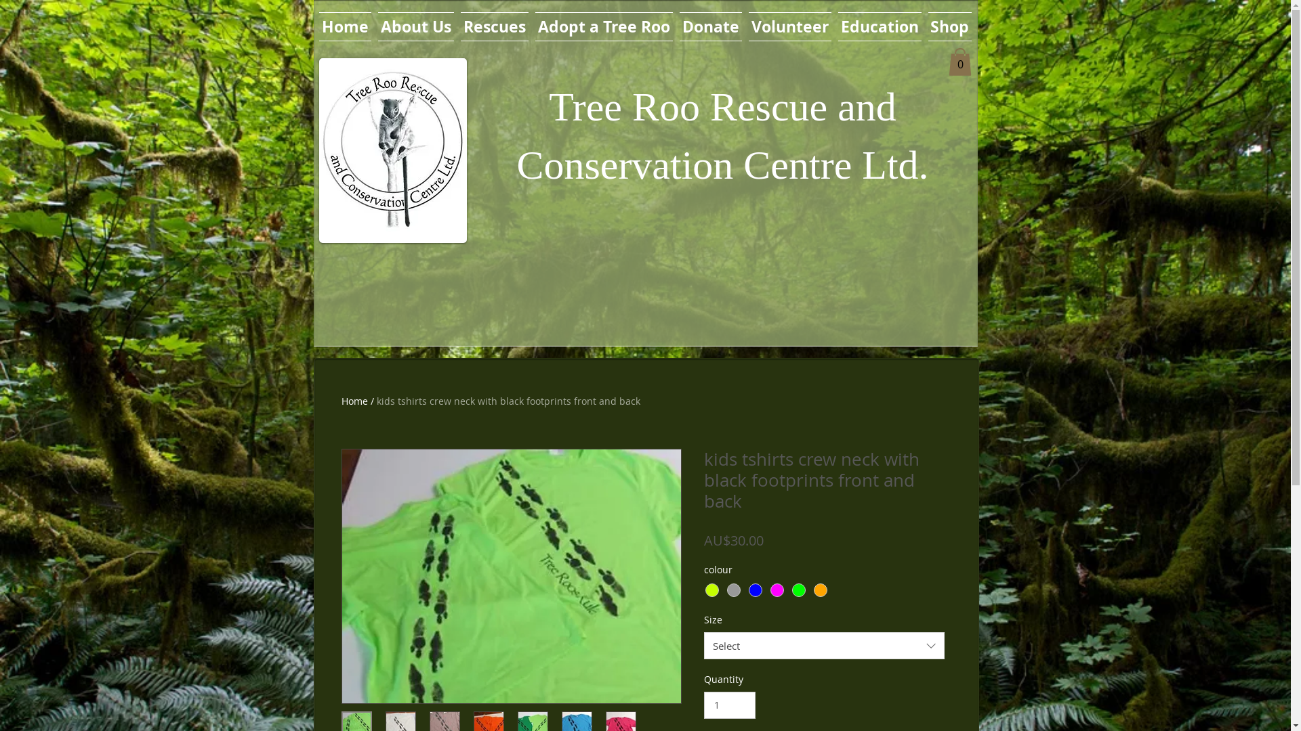  What do you see at coordinates (354, 400) in the screenshot?
I see `'Home'` at bounding box center [354, 400].